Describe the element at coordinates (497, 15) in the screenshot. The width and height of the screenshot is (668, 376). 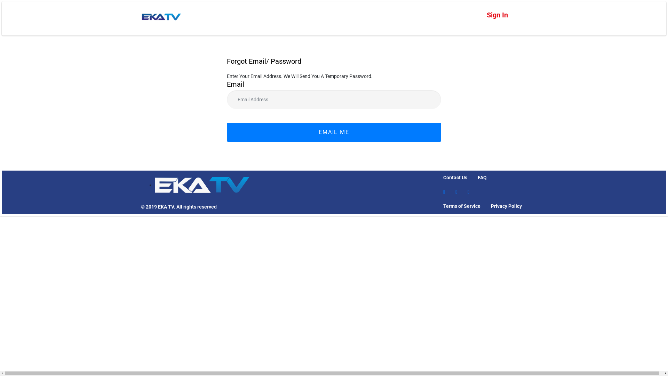
I see `'Sign In'` at that location.